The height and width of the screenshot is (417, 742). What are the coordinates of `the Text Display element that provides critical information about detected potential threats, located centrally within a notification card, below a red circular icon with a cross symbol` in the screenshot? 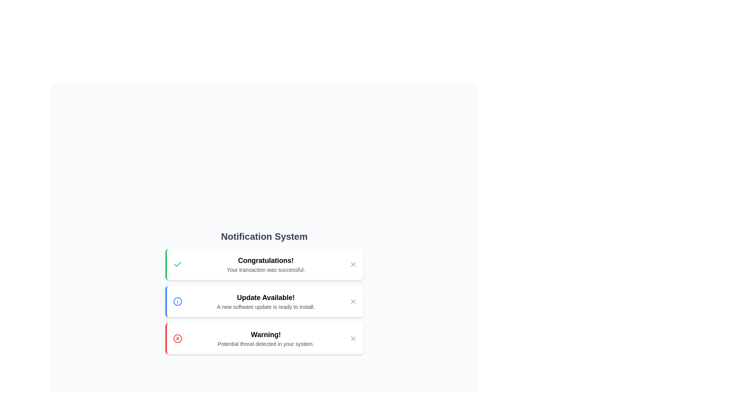 It's located at (265, 338).